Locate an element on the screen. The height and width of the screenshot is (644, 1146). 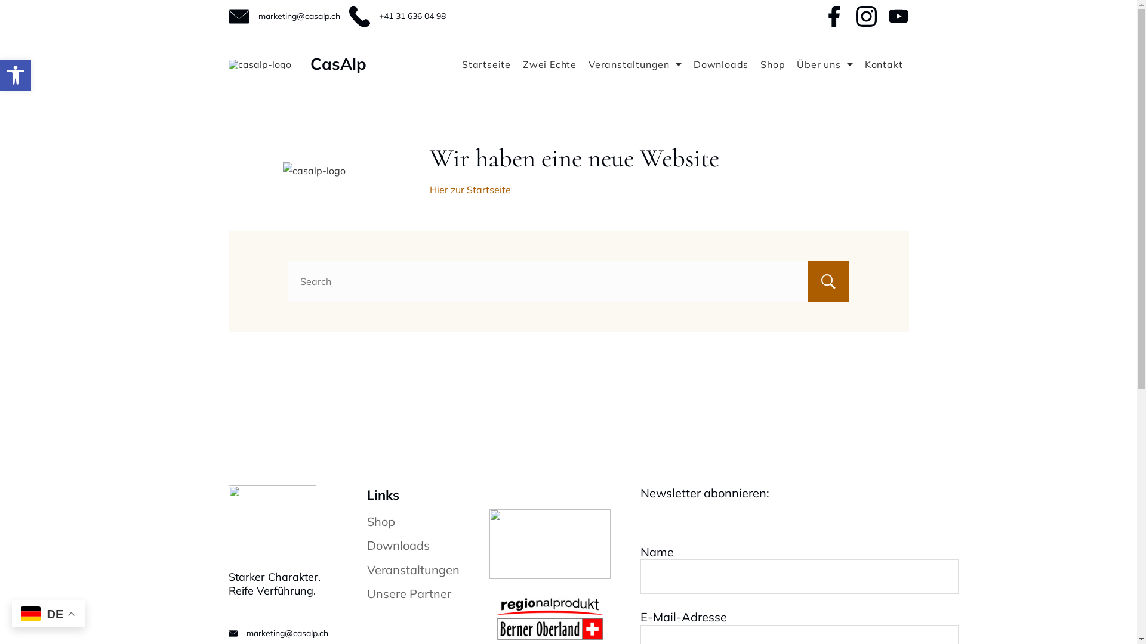
'Kontakt' is located at coordinates (884, 64).